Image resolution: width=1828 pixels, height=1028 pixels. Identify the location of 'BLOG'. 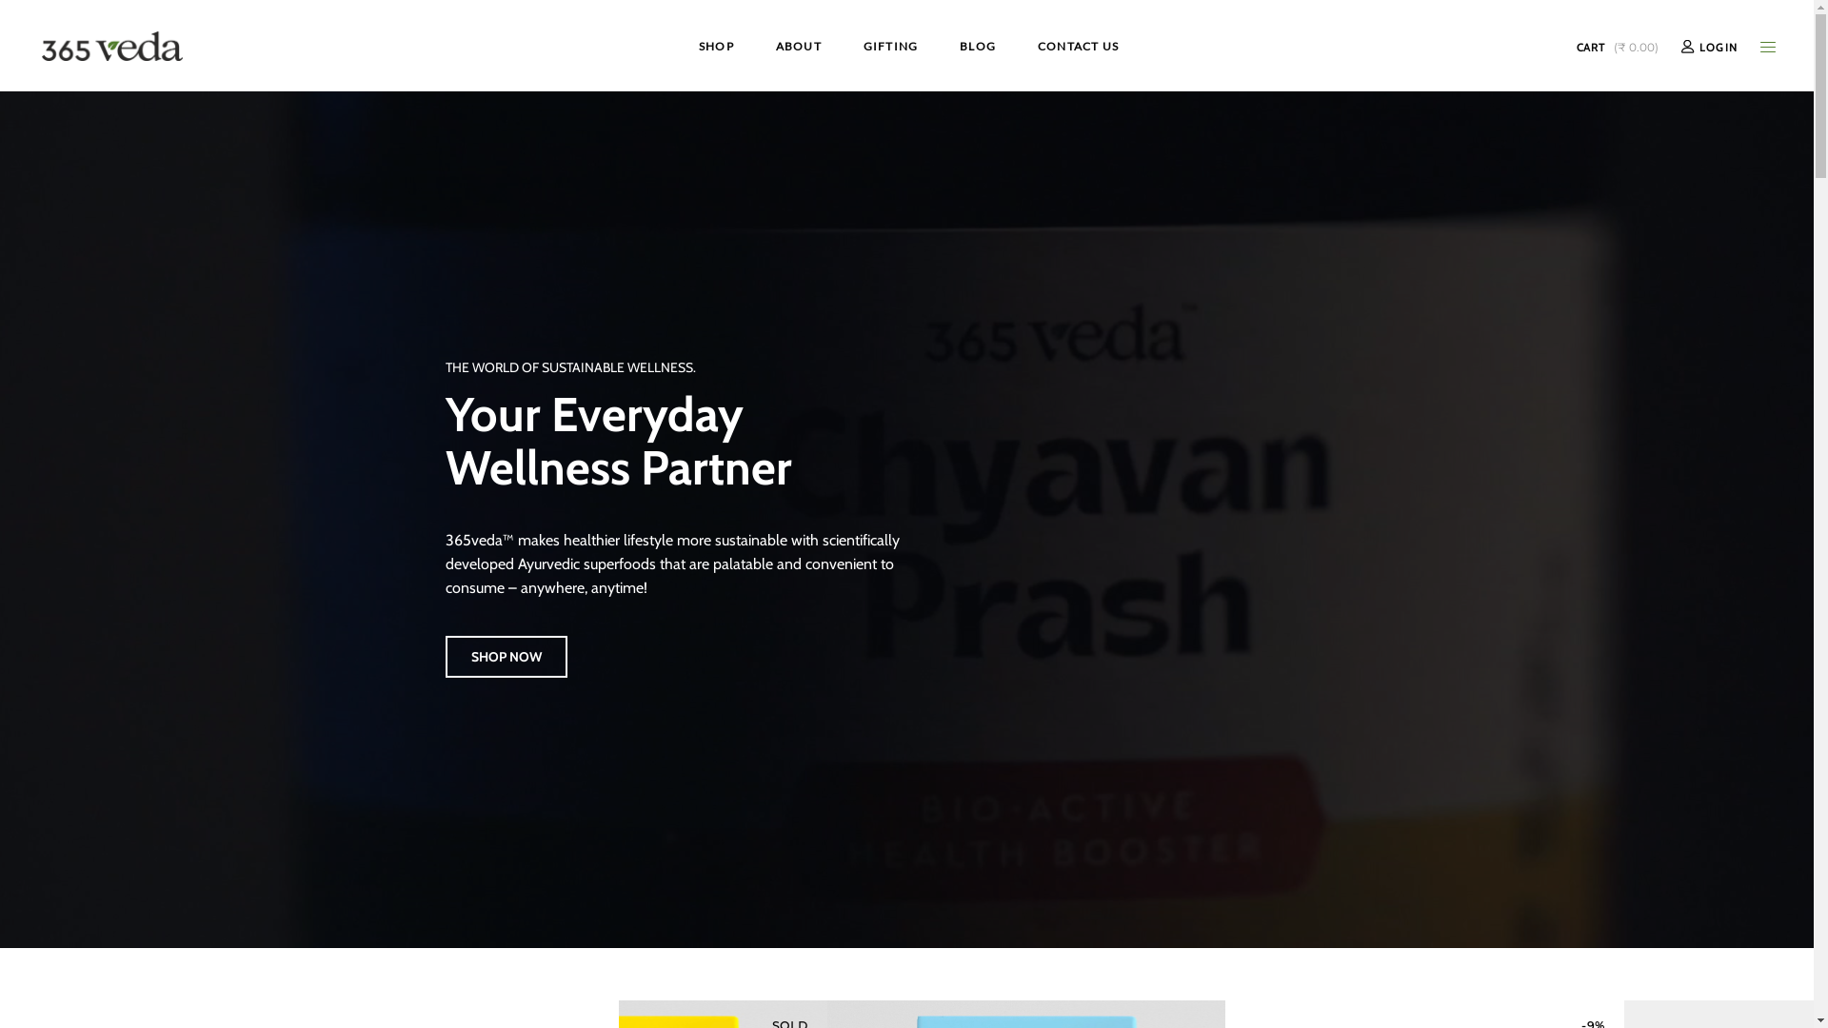
(978, 44).